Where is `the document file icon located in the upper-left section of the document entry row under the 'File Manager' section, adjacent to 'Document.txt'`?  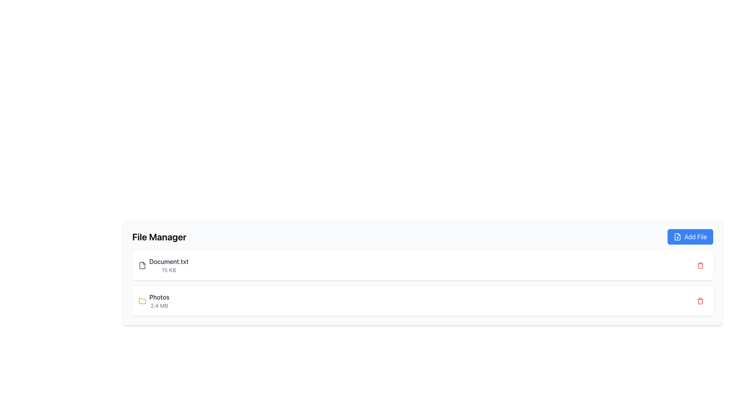 the document file icon located in the upper-left section of the document entry row under the 'File Manager' section, adjacent to 'Document.txt' is located at coordinates (142, 265).